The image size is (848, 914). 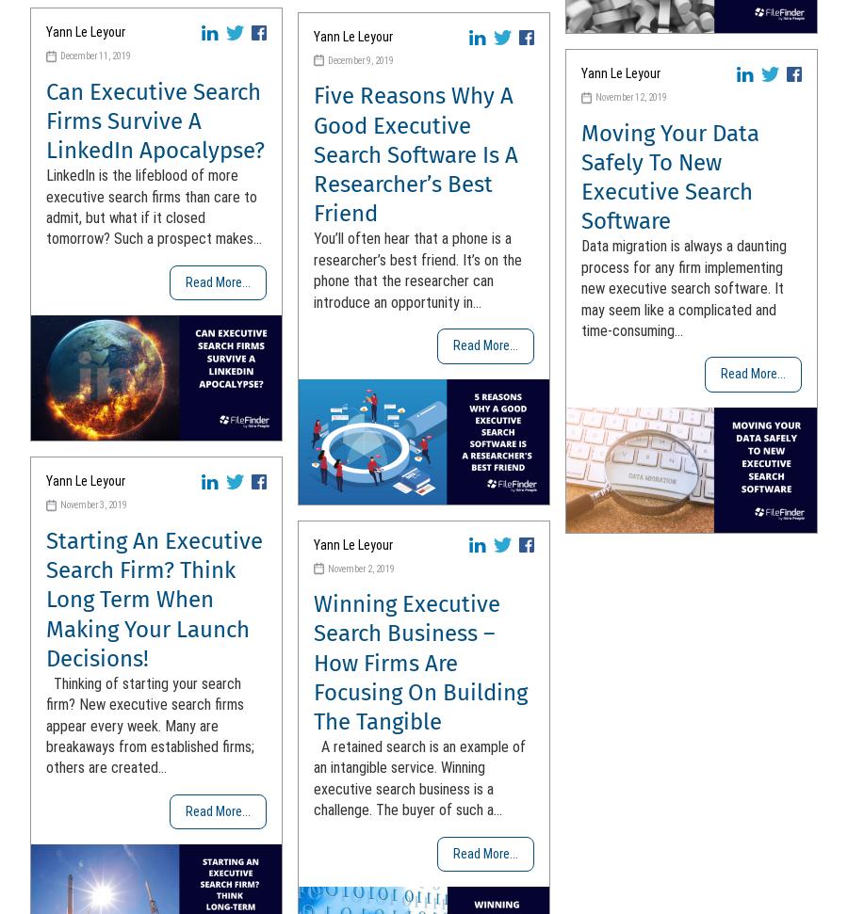 What do you see at coordinates (150, 725) in the screenshot?
I see `'Thinking of starting your search firm? New executive search firms appear every week. Many are breakaways from established firms; others are created...'` at bounding box center [150, 725].